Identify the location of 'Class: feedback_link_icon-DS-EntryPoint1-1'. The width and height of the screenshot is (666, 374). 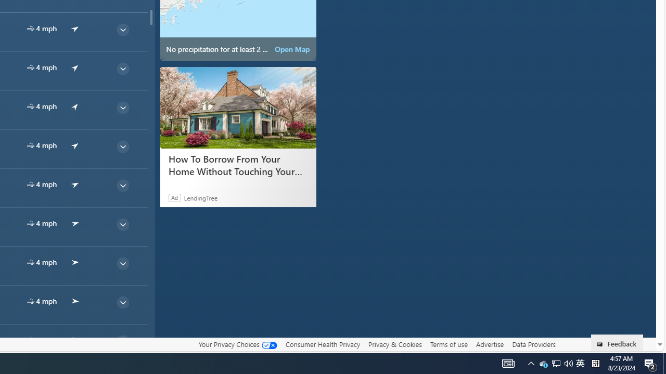
(601, 344).